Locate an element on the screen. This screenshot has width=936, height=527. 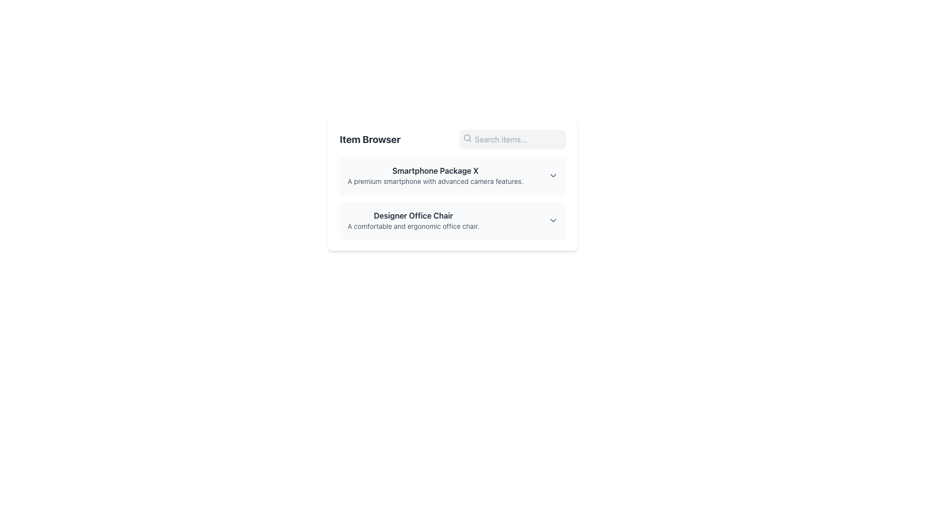
a section of the List component displaying item summaries within the 'Item Browser' card is located at coordinates (452, 198).